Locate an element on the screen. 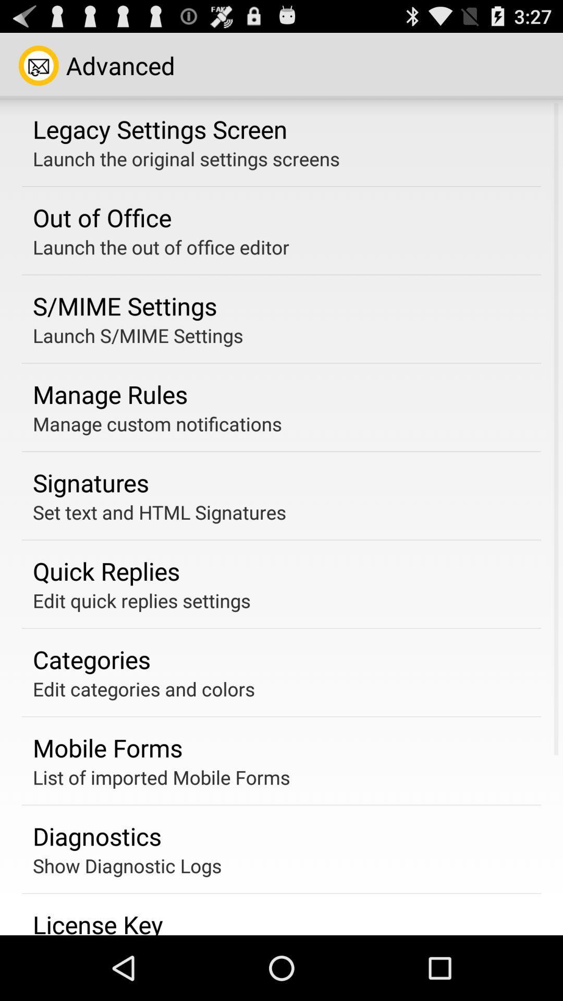  the list of imported icon is located at coordinates (161, 777).